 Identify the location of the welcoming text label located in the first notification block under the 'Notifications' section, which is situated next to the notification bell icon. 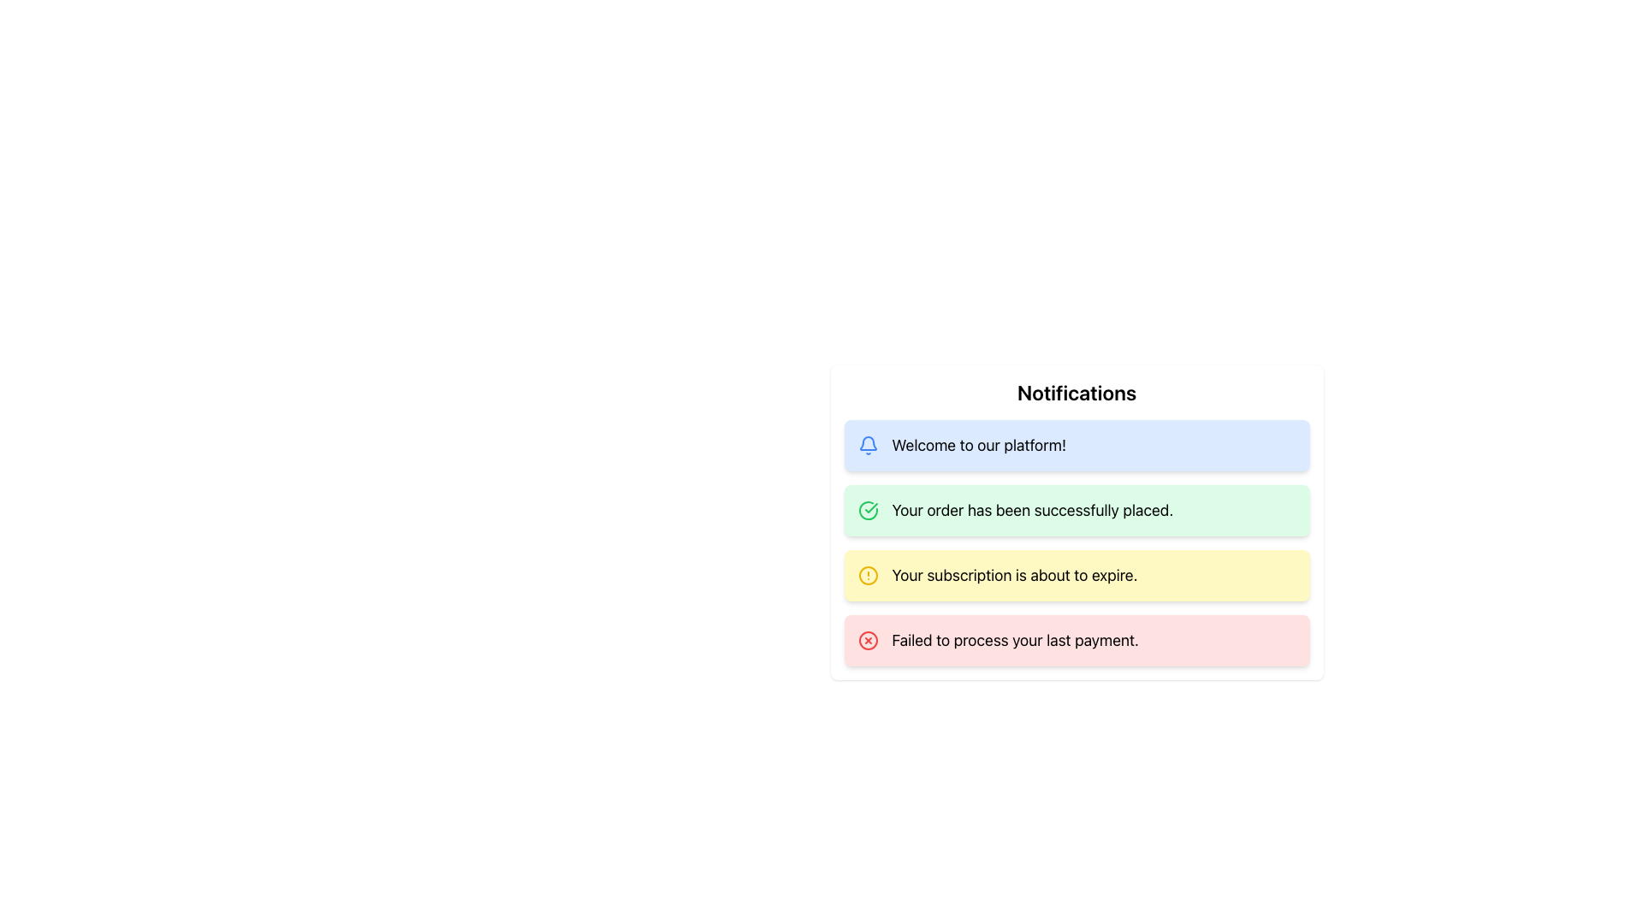
(979, 444).